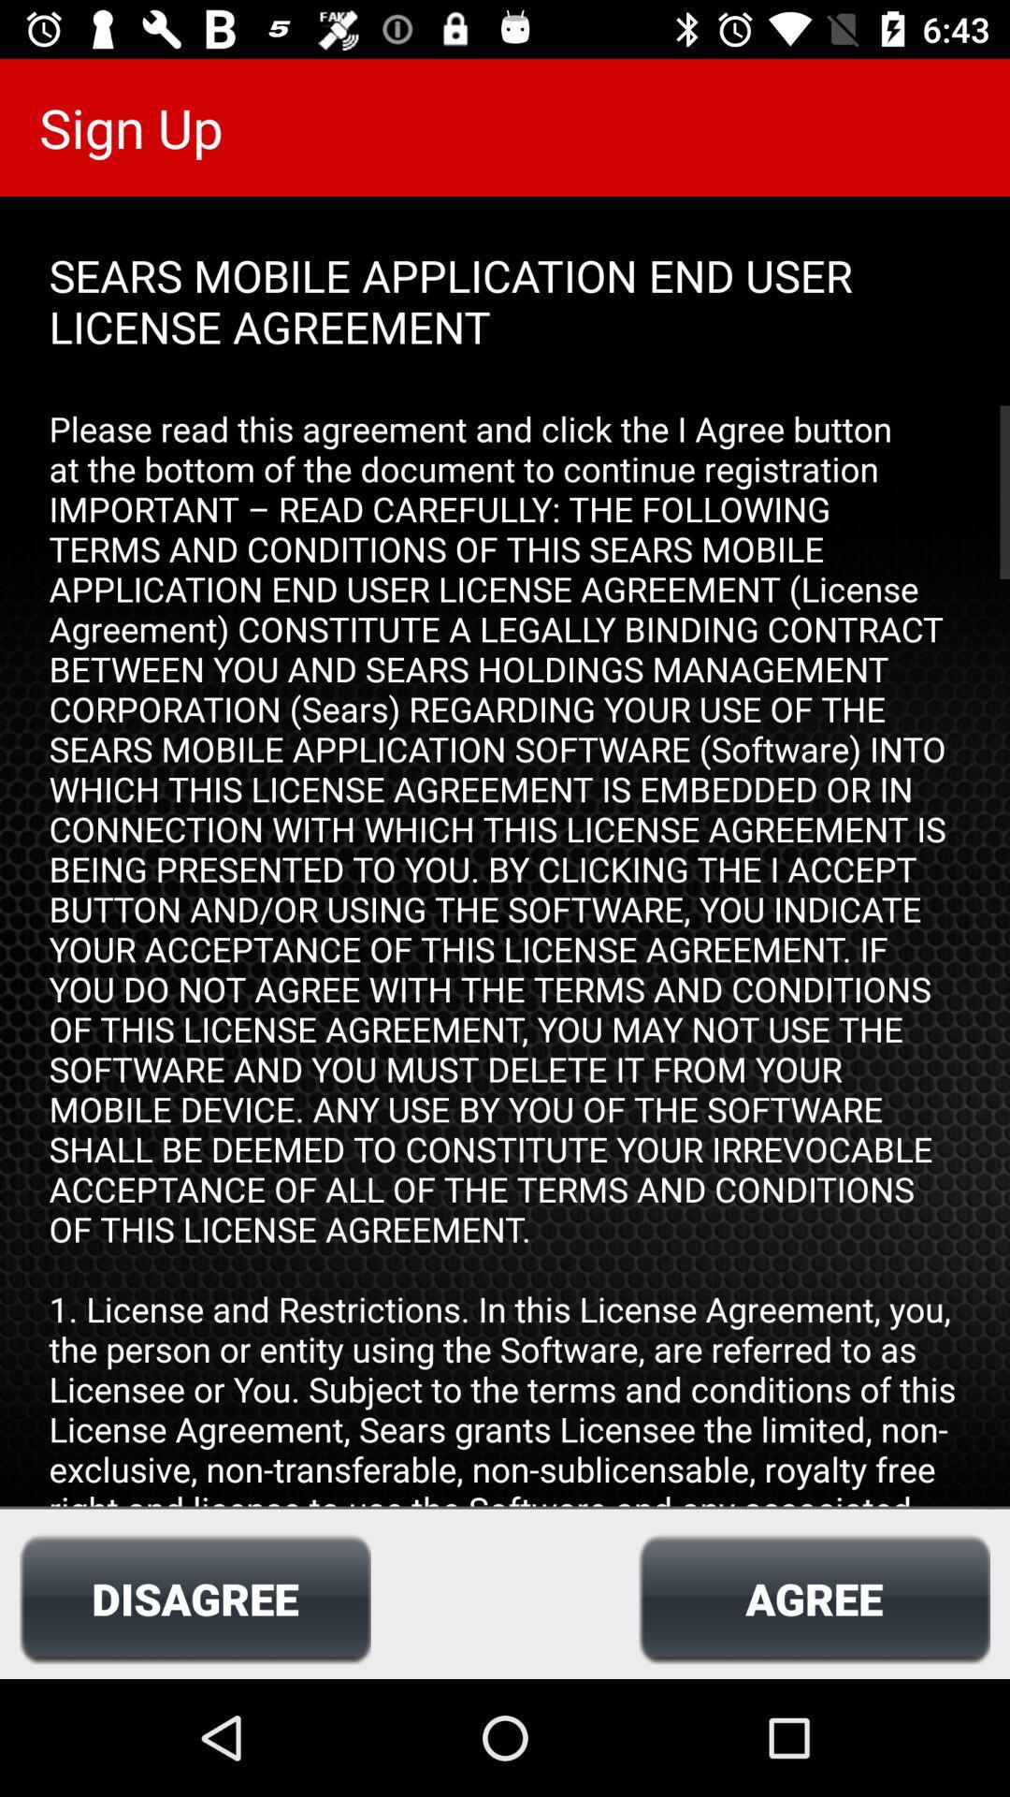 This screenshot has height=1797, width=1010. Describe the element at coordinates (195, 1598) in the screenshot. I see `disagree` at that location.